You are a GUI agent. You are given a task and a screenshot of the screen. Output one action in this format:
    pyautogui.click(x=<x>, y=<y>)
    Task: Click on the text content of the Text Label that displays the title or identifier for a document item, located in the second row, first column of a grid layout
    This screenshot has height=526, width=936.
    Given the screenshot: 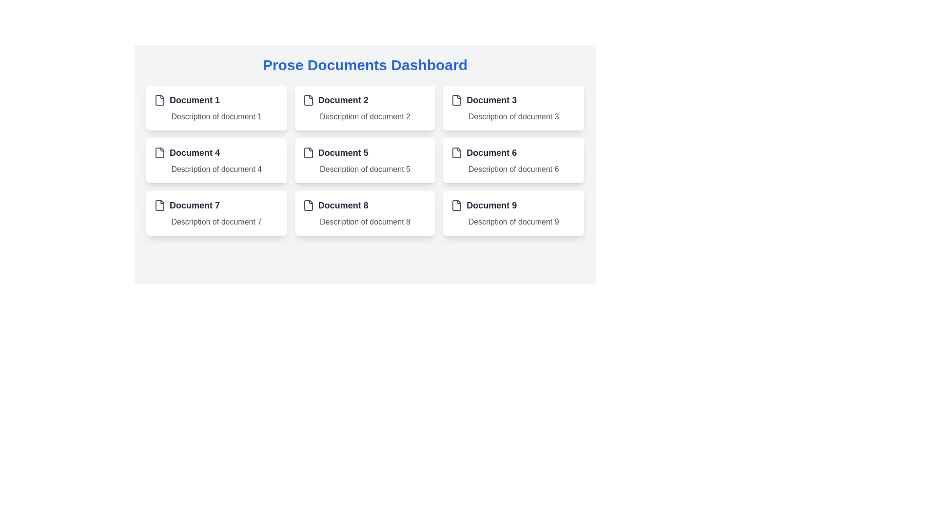 What is the action you would take?
    pyautogui.click(x=343, y=152)
    